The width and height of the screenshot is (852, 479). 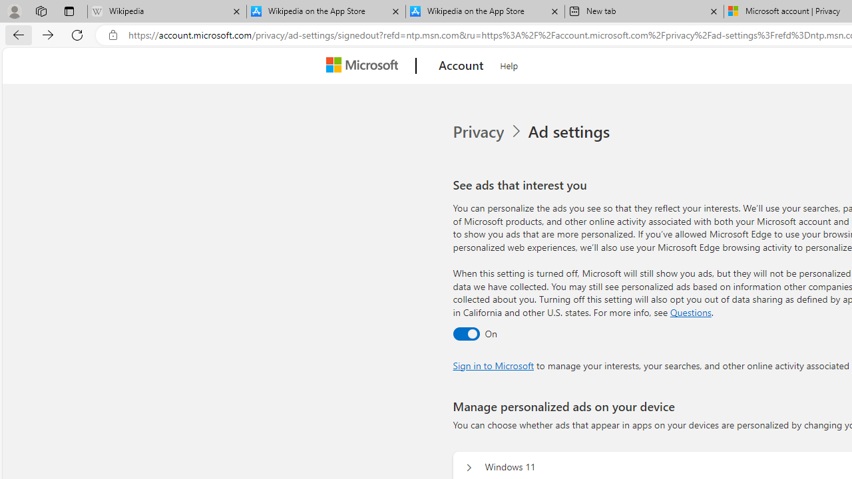 What do you see at coordinates (41, 11) in the screenshot?
I see `'Workspaces'` at bounding box center [41, 11].